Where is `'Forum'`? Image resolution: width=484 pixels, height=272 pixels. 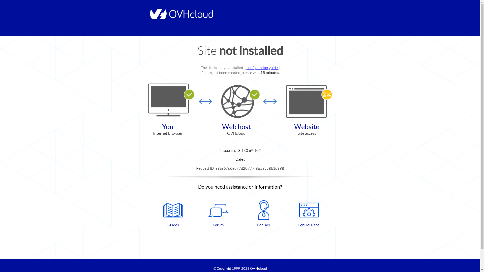 'Forum' is located at coordinates (198, 214).